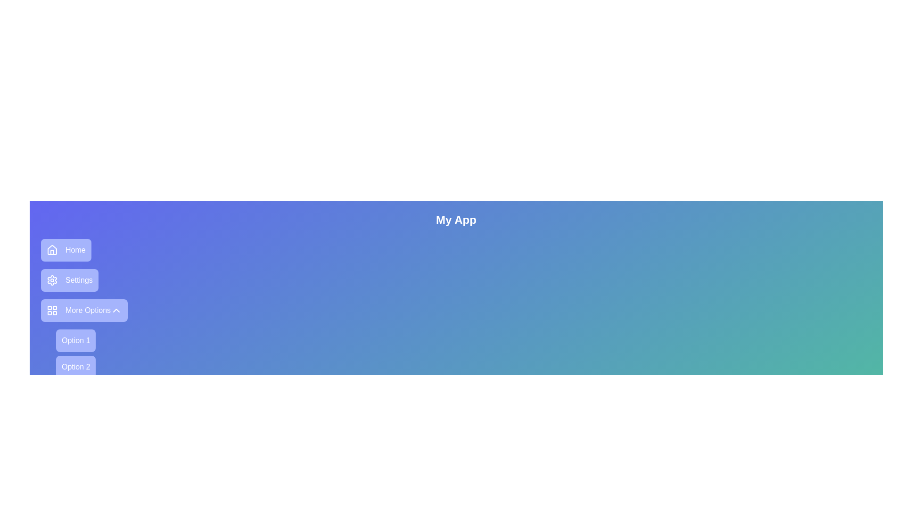 The width and height of the screenshot is (905, 509). Describe the element at coordinates (51, 250) in the screenshot. I see `the Home icon located at the left of the 'Home' button` at that location.